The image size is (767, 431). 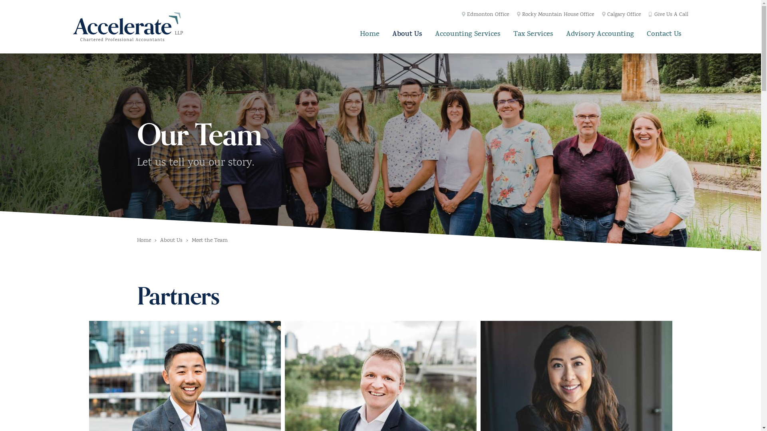 I want to click on 'Contact Us', so click(x=664, y=33).